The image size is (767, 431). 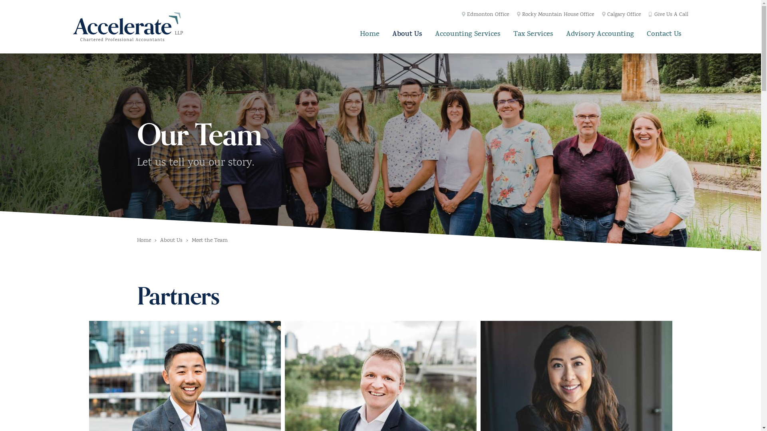 I want to click on 'Contact Us', so click(x=664, y=33).